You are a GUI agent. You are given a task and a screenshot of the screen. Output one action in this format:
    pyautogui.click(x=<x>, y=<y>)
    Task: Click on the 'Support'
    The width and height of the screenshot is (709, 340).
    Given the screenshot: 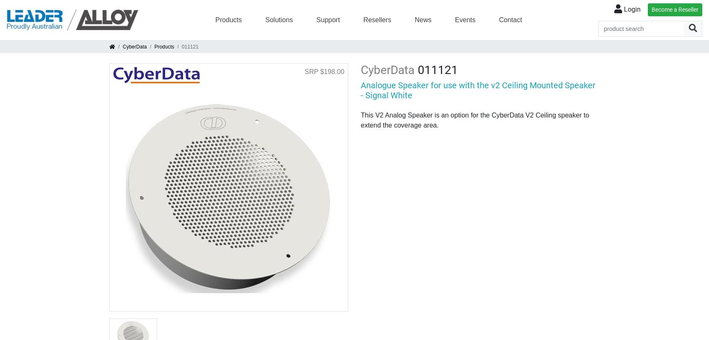 What is the action you would take?
    pyautogui.click(x=328, y=19)
    